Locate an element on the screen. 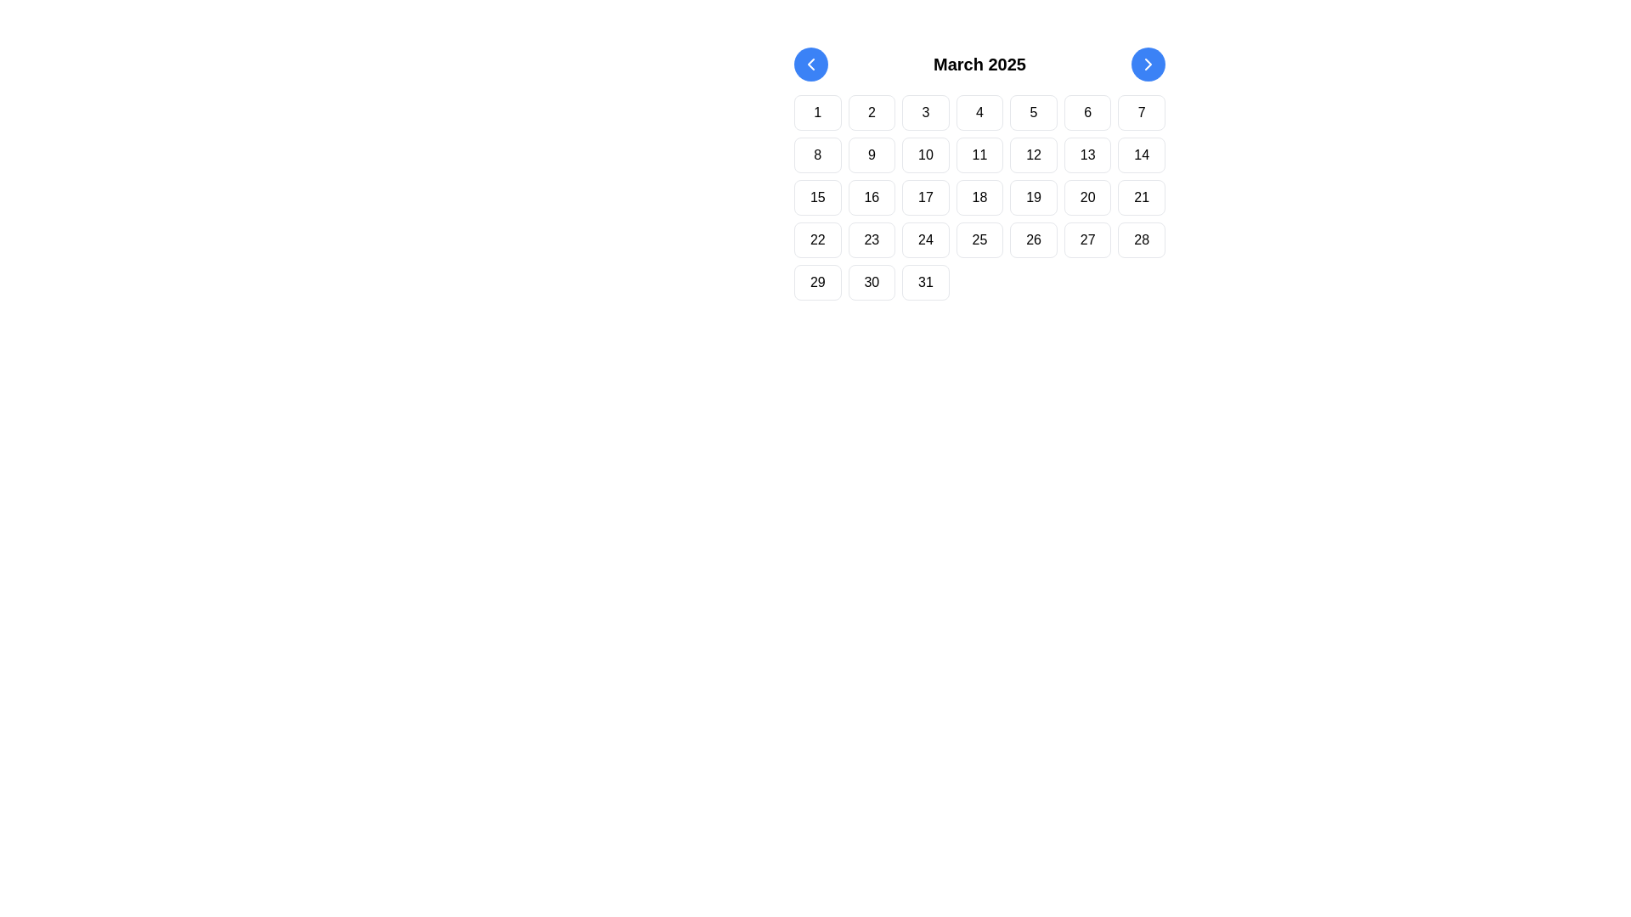  the button displaying '30' which is the sixth item in the fifth row of a grid layout, positioned between buttons '29' and '31' is located at coordinates (872, 281).